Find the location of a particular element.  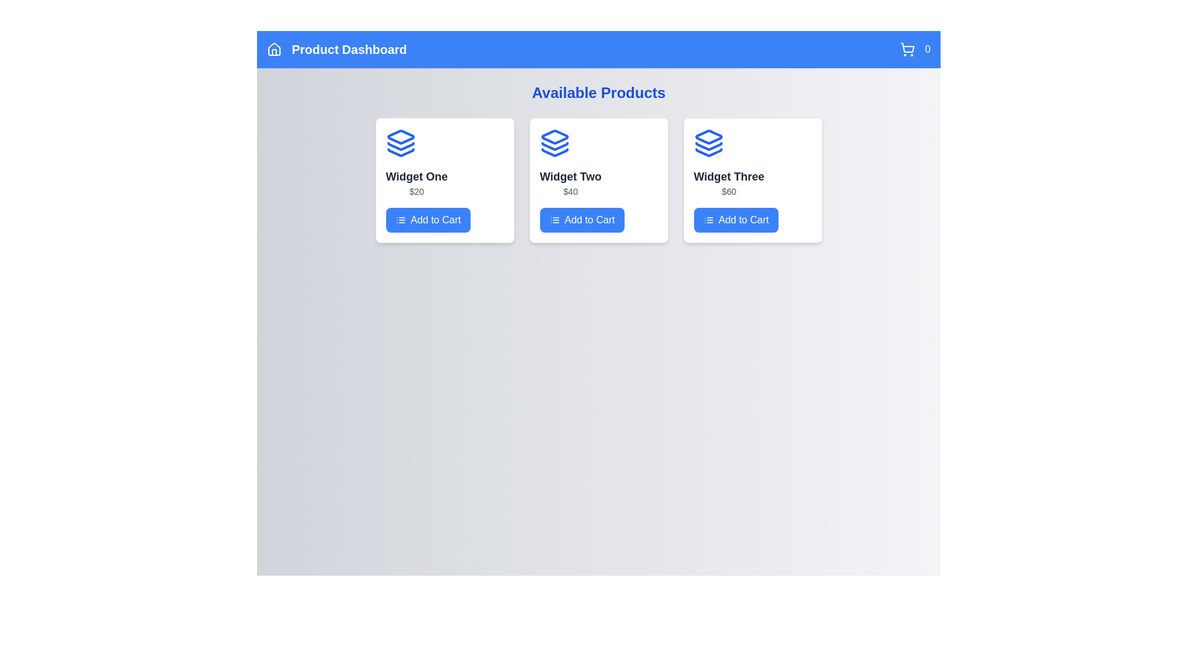

the text label displaying the item count in the shopping cart, located in the top-right corner of the interface, next to the shopping cart icon is located at coordinates (928, 49).